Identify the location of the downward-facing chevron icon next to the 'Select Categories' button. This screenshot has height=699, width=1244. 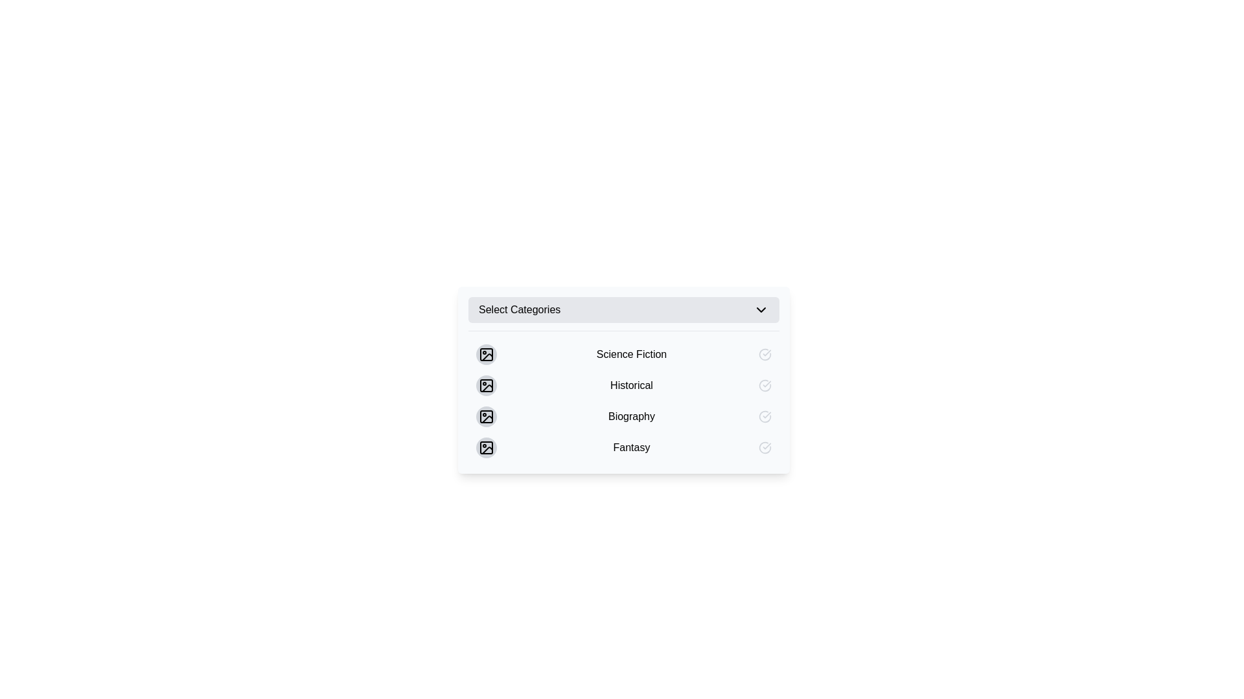
(761, 309).